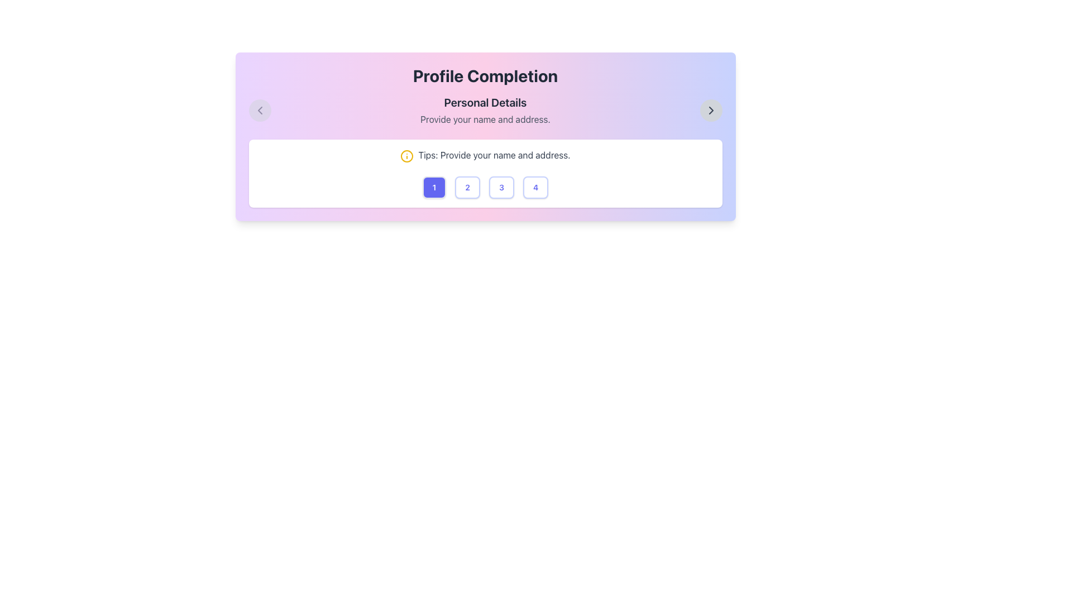 The width and height of the screenshot is (1072, 603). What do you see at coordinates (259, 110) in the screenshot?
I see `the left chevron arrow icon contained within a circular button next to the 'Profile Completion' text in the header section` at bounding box center [259, 110].